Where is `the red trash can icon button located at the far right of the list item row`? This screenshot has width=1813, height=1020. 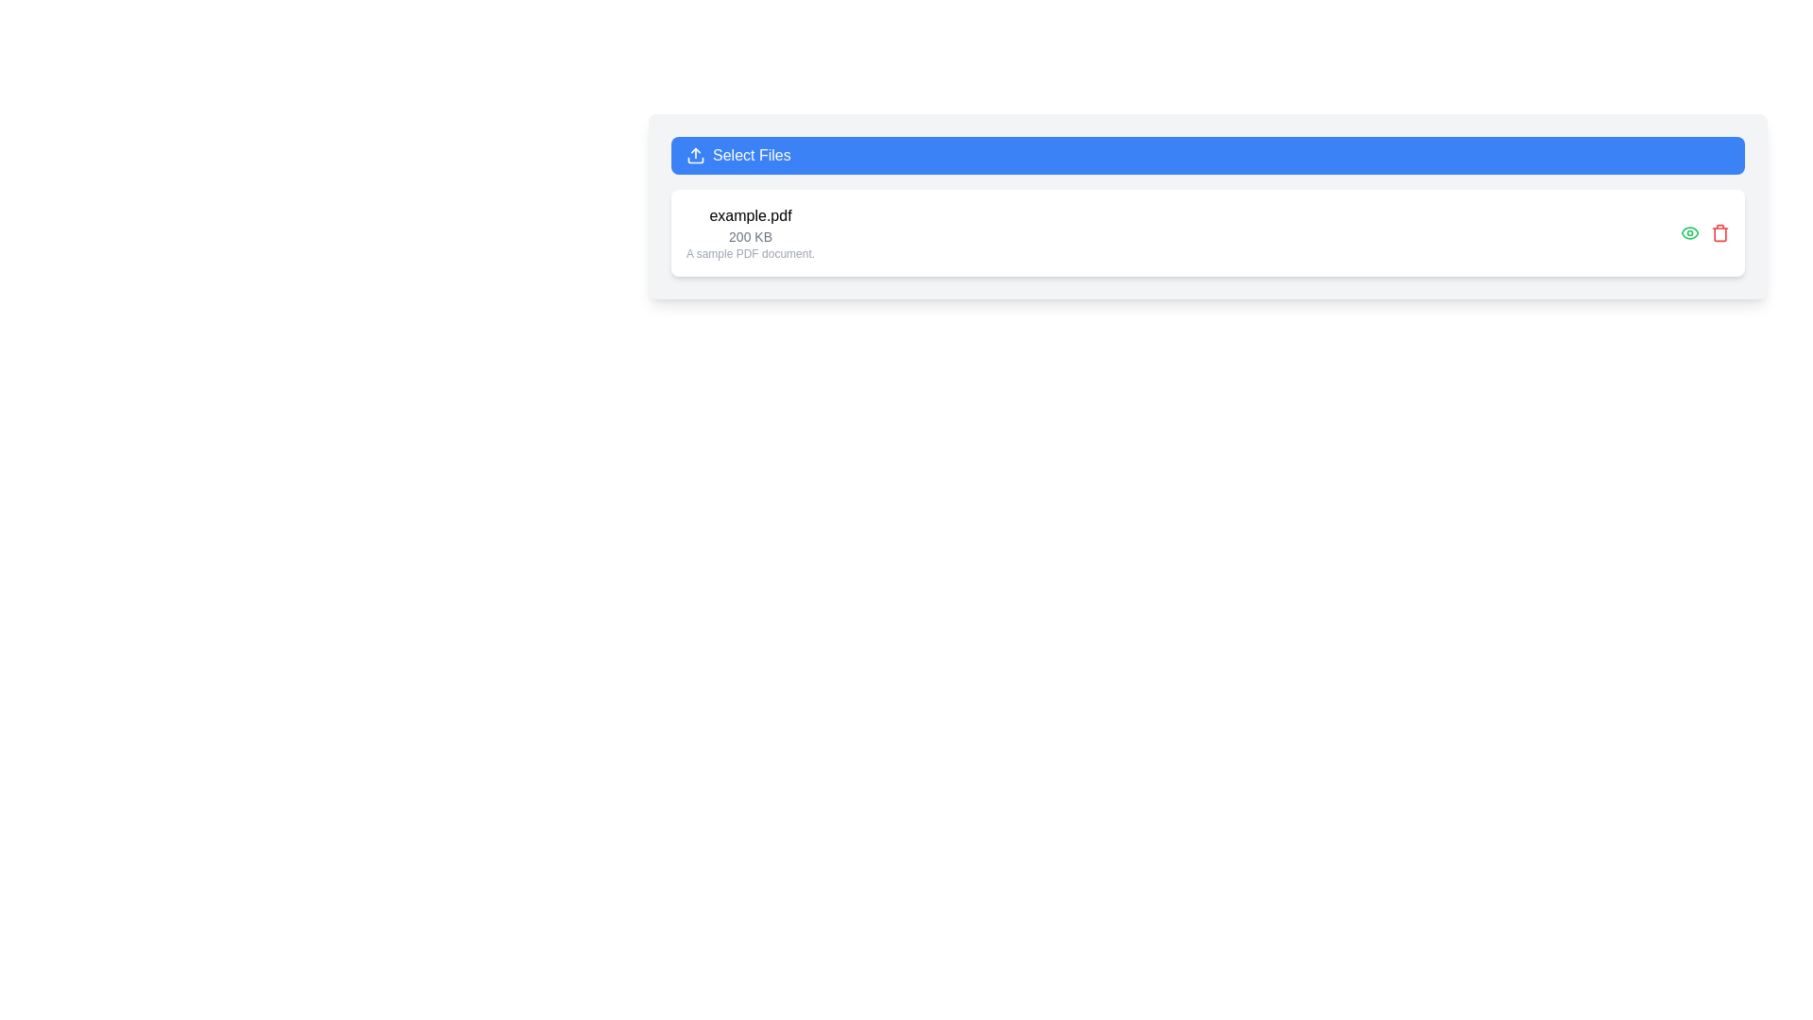 the red trash can icon button located at the far right of the list item row is located at coordinates (1720, 232).